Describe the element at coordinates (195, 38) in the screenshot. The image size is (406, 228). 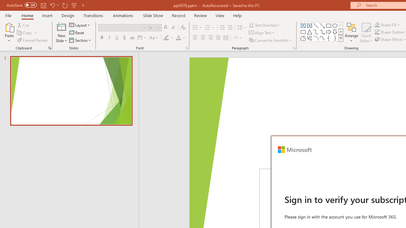
I see `'Align Left'` at that location.